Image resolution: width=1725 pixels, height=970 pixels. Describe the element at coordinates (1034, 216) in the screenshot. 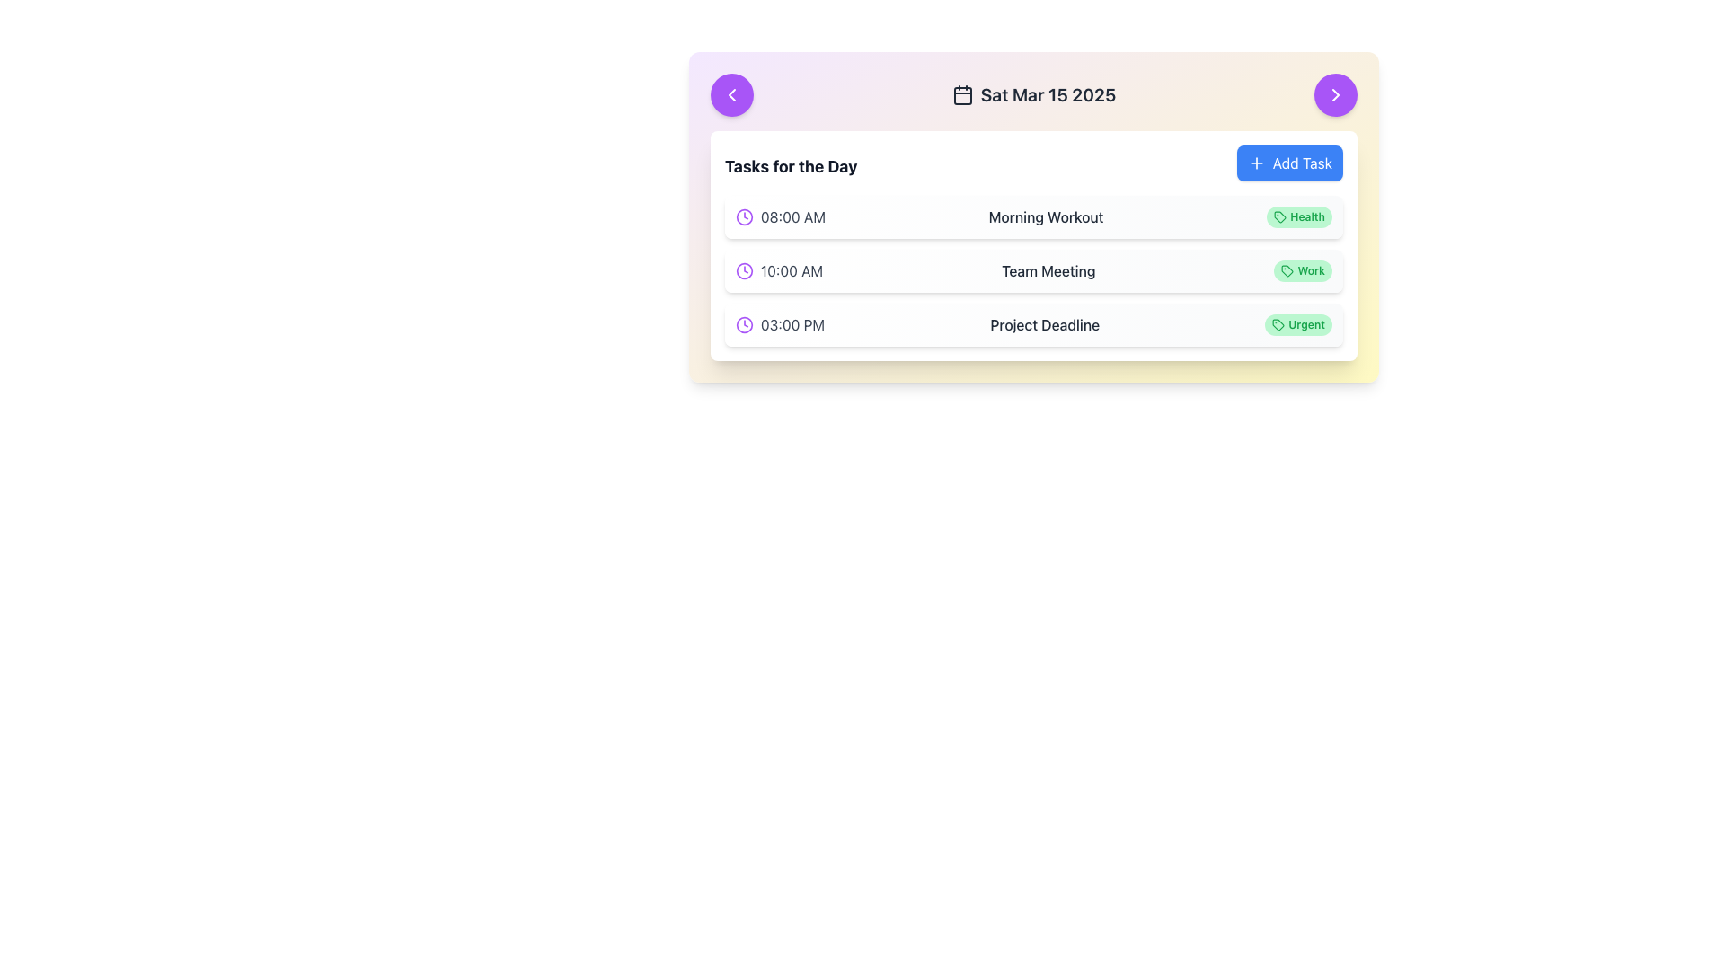

I see `the 'Morning Workout' row entry in the task list to interact with it. This row contains a clock icon, time text, a bold text label, and a health tag icon, and is located under the 'Tasks for the Day' section` at that location.